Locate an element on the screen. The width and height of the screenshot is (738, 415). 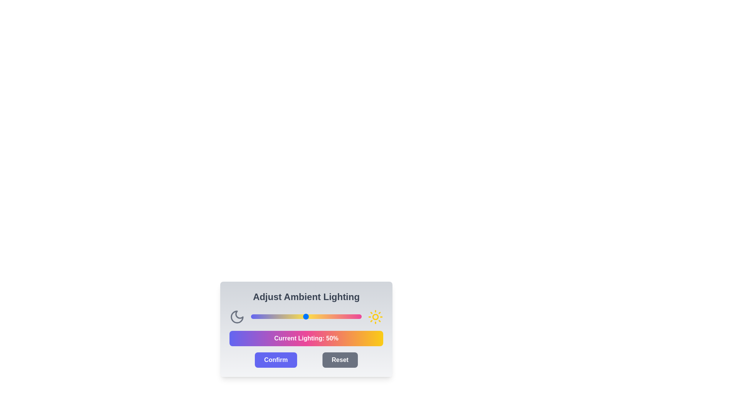
the light intensity slider to 51% is located at coordinates (307, 317).